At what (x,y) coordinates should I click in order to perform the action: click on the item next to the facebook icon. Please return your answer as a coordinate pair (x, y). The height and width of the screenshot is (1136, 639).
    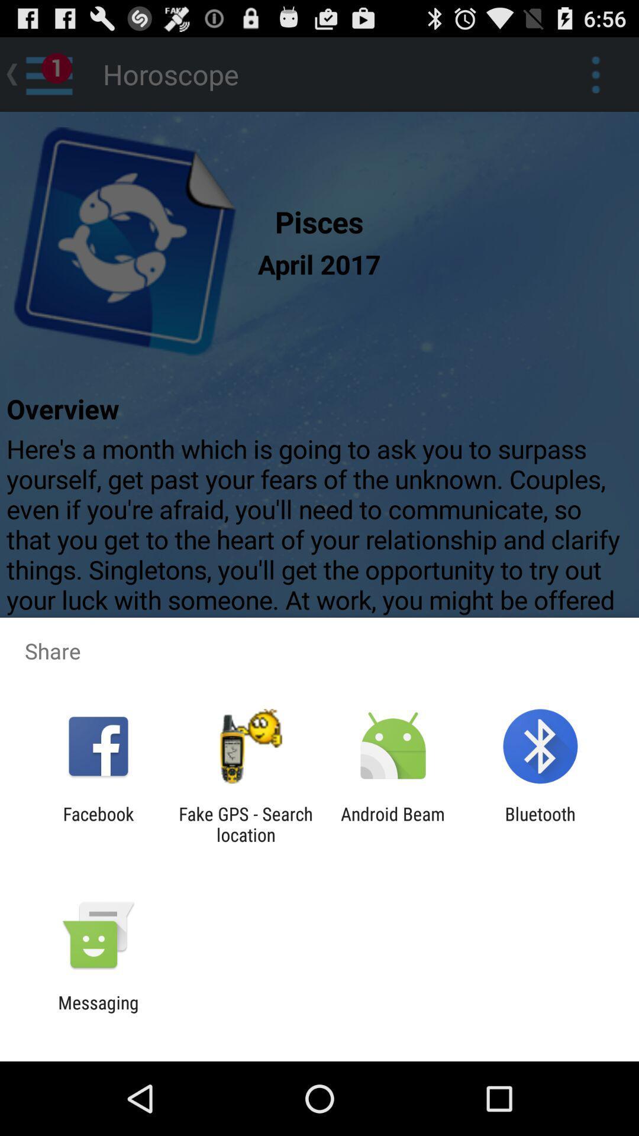
    Looking at the image, I should click on (245, 824).